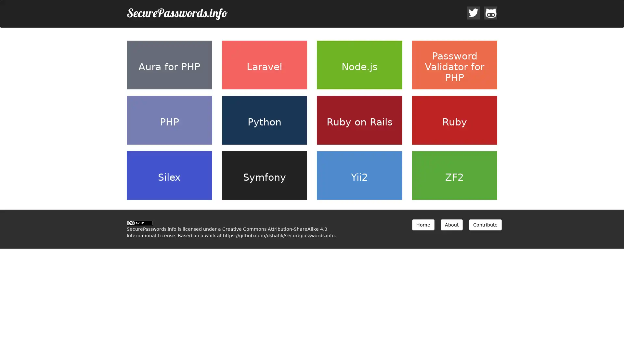  What do you see at coordinates (454, 65) in the screenshot?
I see `Password Validator for PHP` at bounding box center [454, 65].